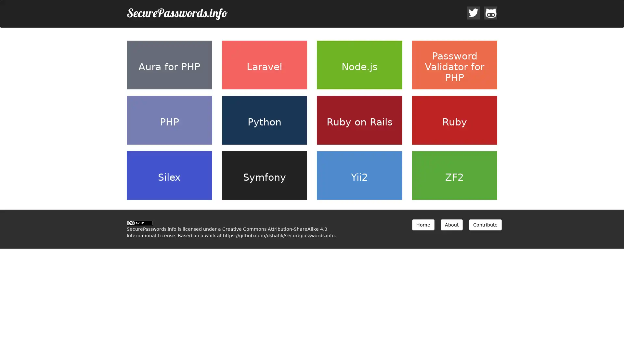  What do you see at coordinates (454, 65) in the screenshot?
I see `Password Validator for PHP` at bounding box center [454, 65].